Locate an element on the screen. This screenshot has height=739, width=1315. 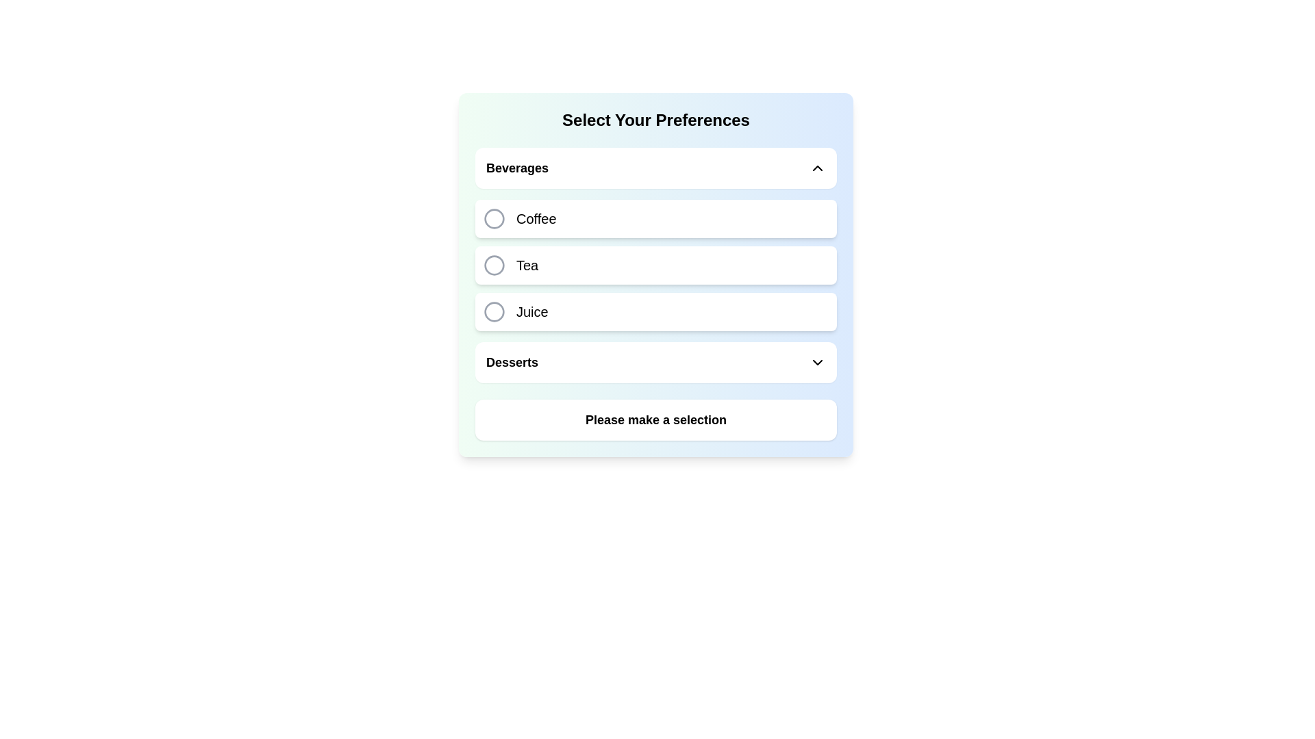
the circular radio button icon with a gray border located to the left of the text 'Coffee' is located at coordinates (493, 218).